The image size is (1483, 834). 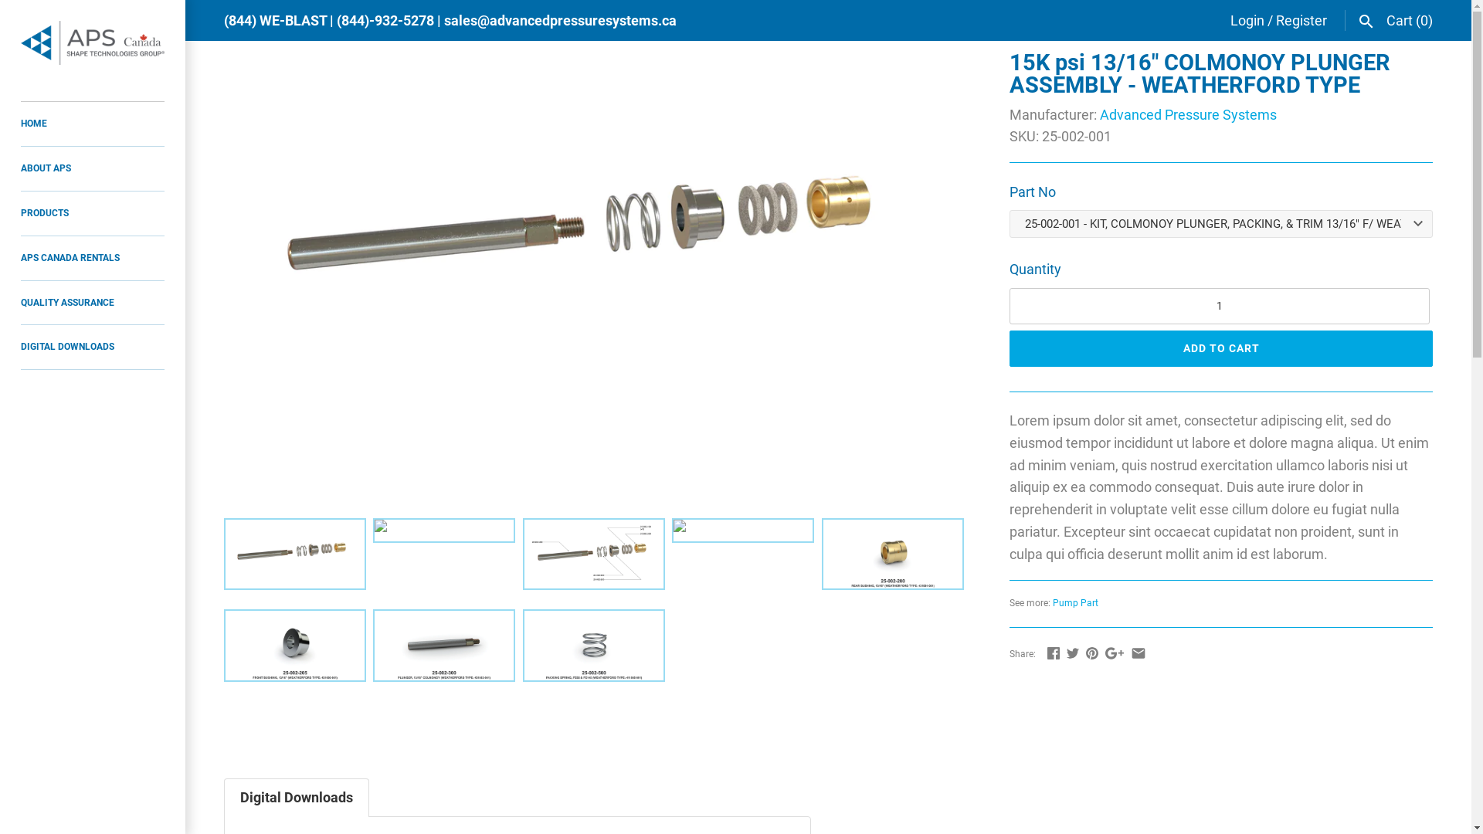 I want to click on 'Pinterest', so click(x=1091, y=653).